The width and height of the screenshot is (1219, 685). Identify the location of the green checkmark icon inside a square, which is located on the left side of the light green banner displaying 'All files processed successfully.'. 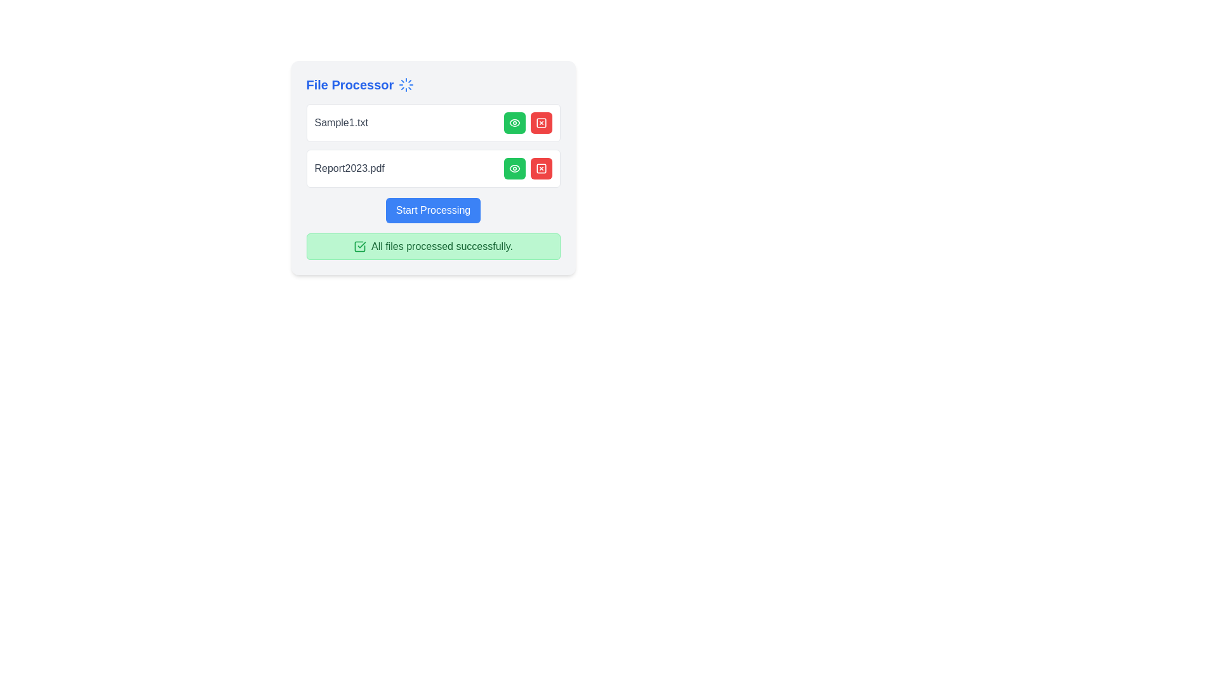
(359, 247).